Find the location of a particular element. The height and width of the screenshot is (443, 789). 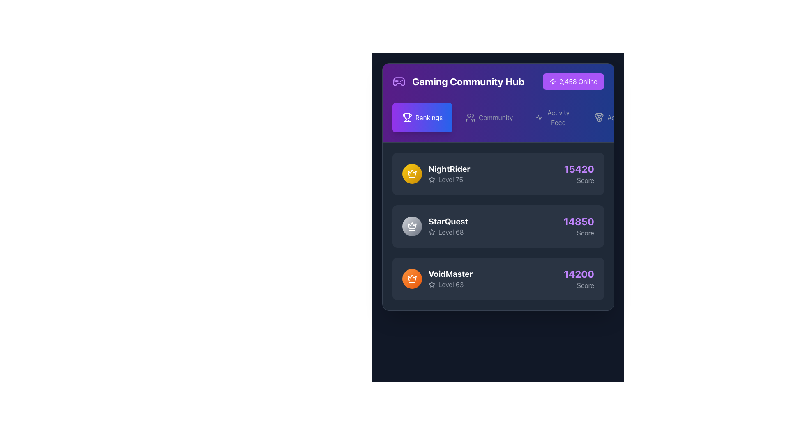

the crown icon located within the first card of the 'Rankings' list, which symbolizes user achievement and is positioned to the left of the text 'NightRider' is located at coordinates (412, 174).